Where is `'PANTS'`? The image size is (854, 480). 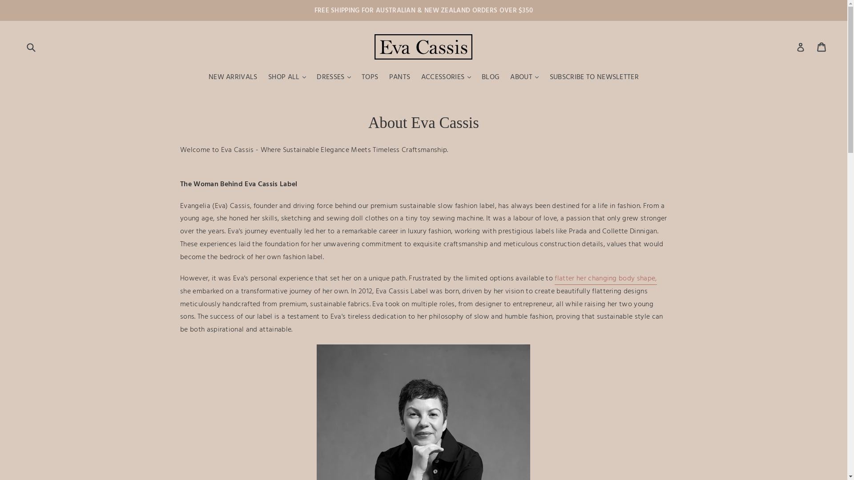 'PANTS' is located at coordinates (399, 77).